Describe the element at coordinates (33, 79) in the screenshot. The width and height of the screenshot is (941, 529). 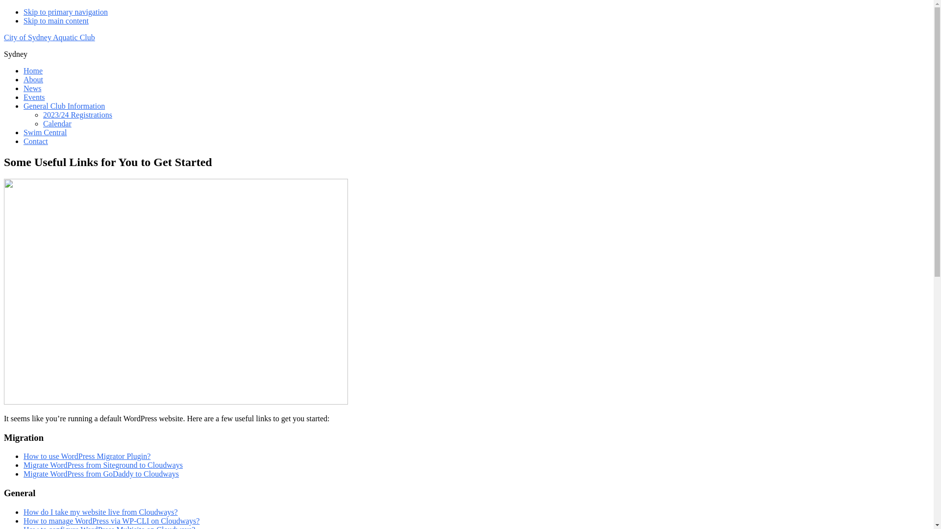
I see `'About'` at that location.